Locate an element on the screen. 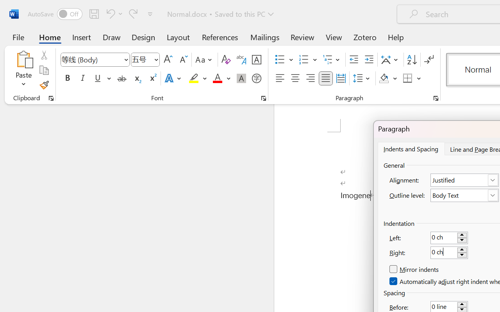 This screenshot has height=312, width=500. 'Font...' is located at coordinates (264, 98).